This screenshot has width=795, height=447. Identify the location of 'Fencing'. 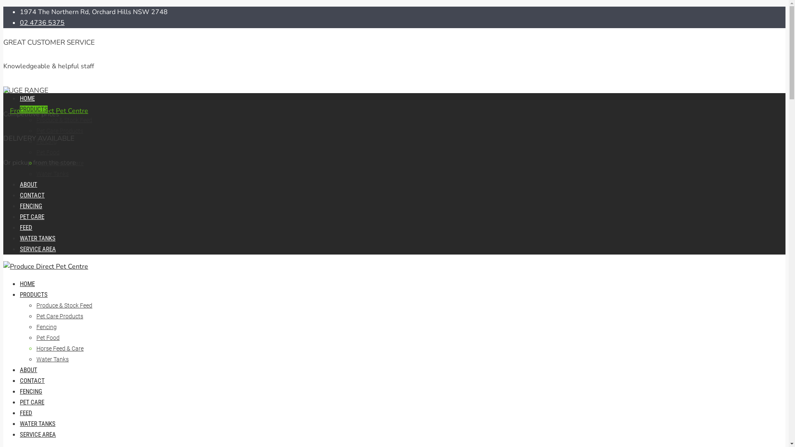
(46, 141).